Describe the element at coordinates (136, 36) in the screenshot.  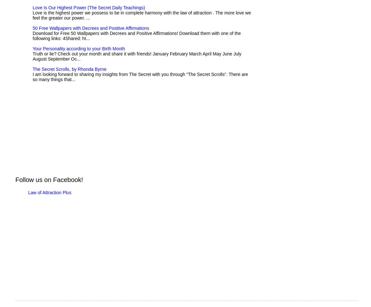
I see `'Download for Free 50 Wallpapers with Decrees and Positive Affirmations!   Download them with one of the following links:   4Shared:  ht...'` at that location.